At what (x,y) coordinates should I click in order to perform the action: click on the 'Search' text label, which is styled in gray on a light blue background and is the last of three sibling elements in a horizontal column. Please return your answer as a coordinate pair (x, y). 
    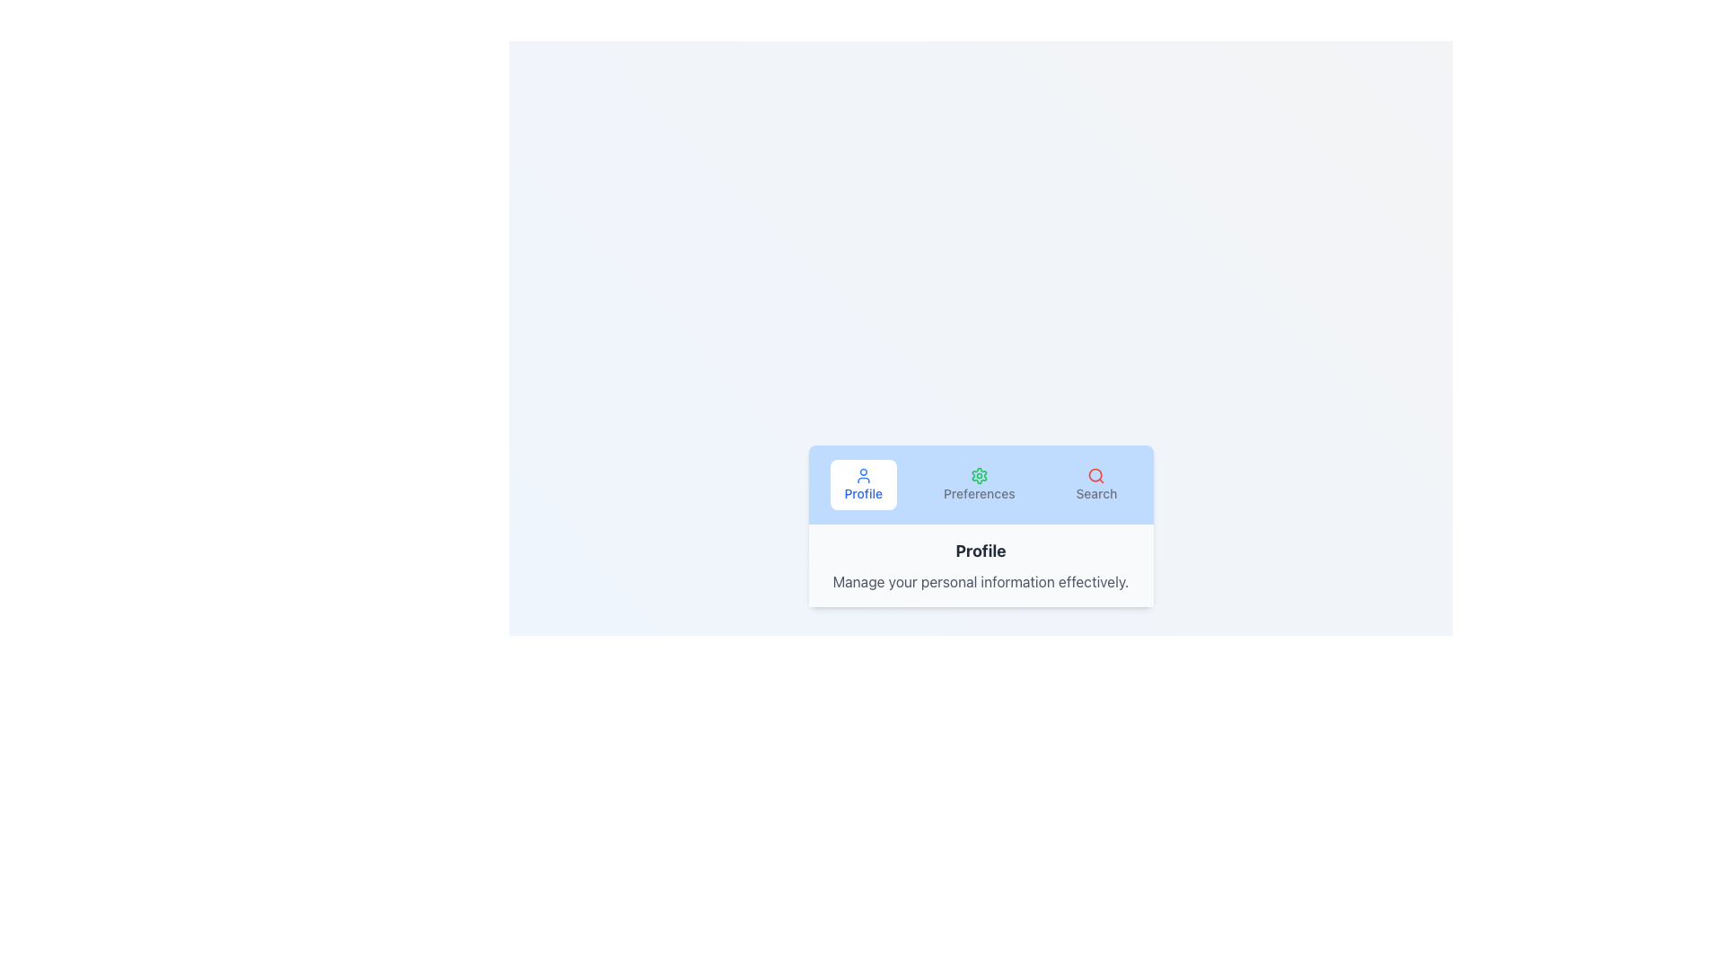
    Looking at the image, I should click on (1095, 494).